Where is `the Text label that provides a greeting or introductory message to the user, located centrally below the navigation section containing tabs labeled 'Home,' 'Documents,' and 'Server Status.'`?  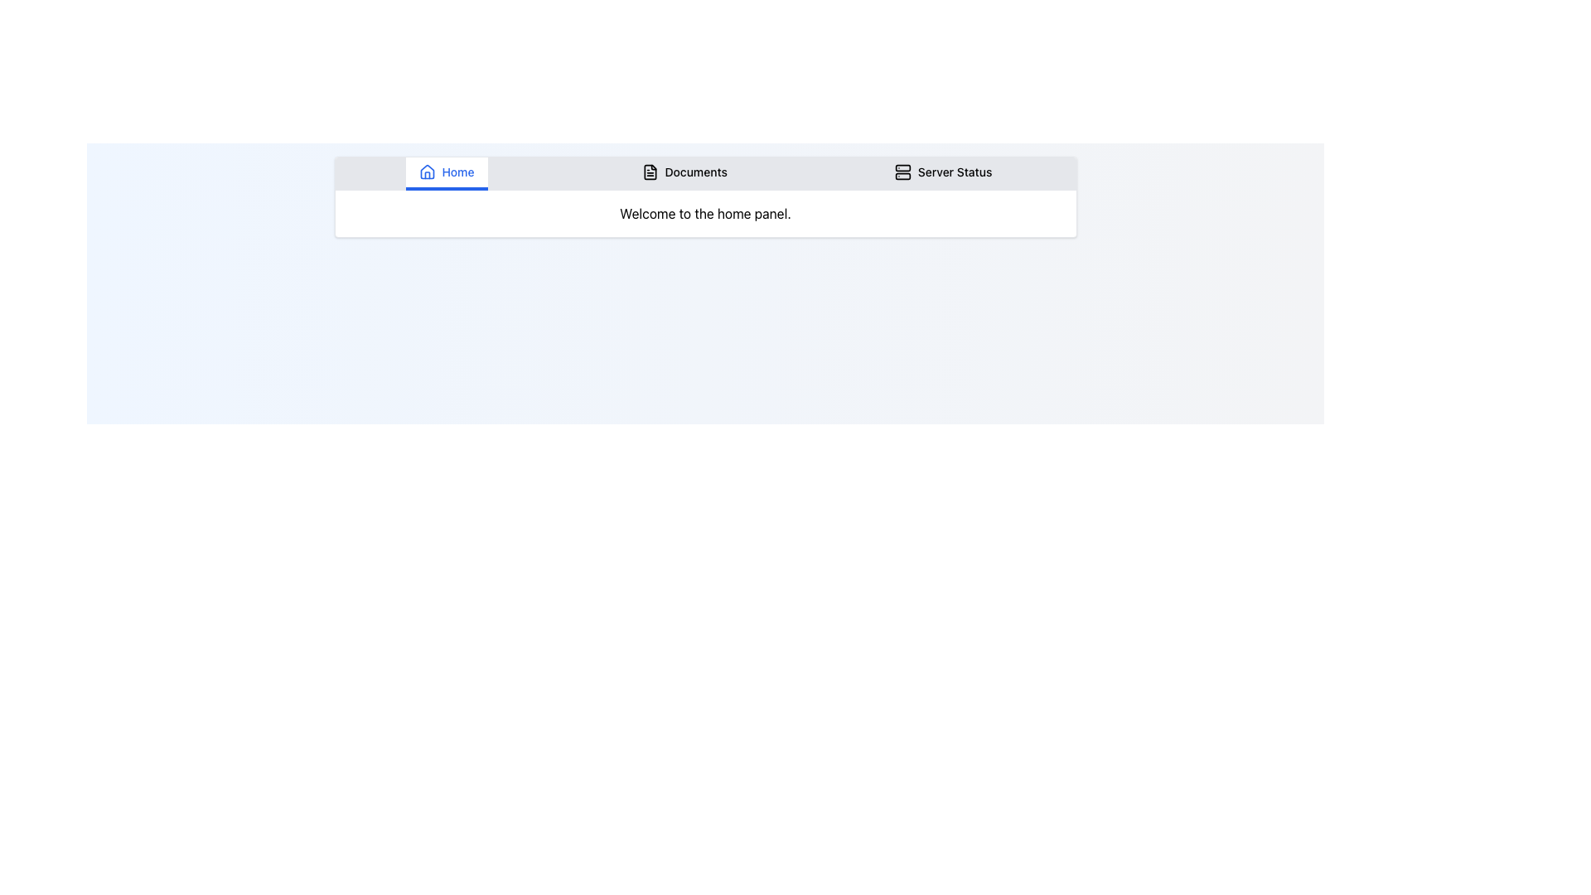
the Text label that provides a greeting or introductory message to the user, located centrally below the navigation section containing tabs labeled 'Home,' 'Documents,' and 'Server Status.' is located at coordinates (705, 213).